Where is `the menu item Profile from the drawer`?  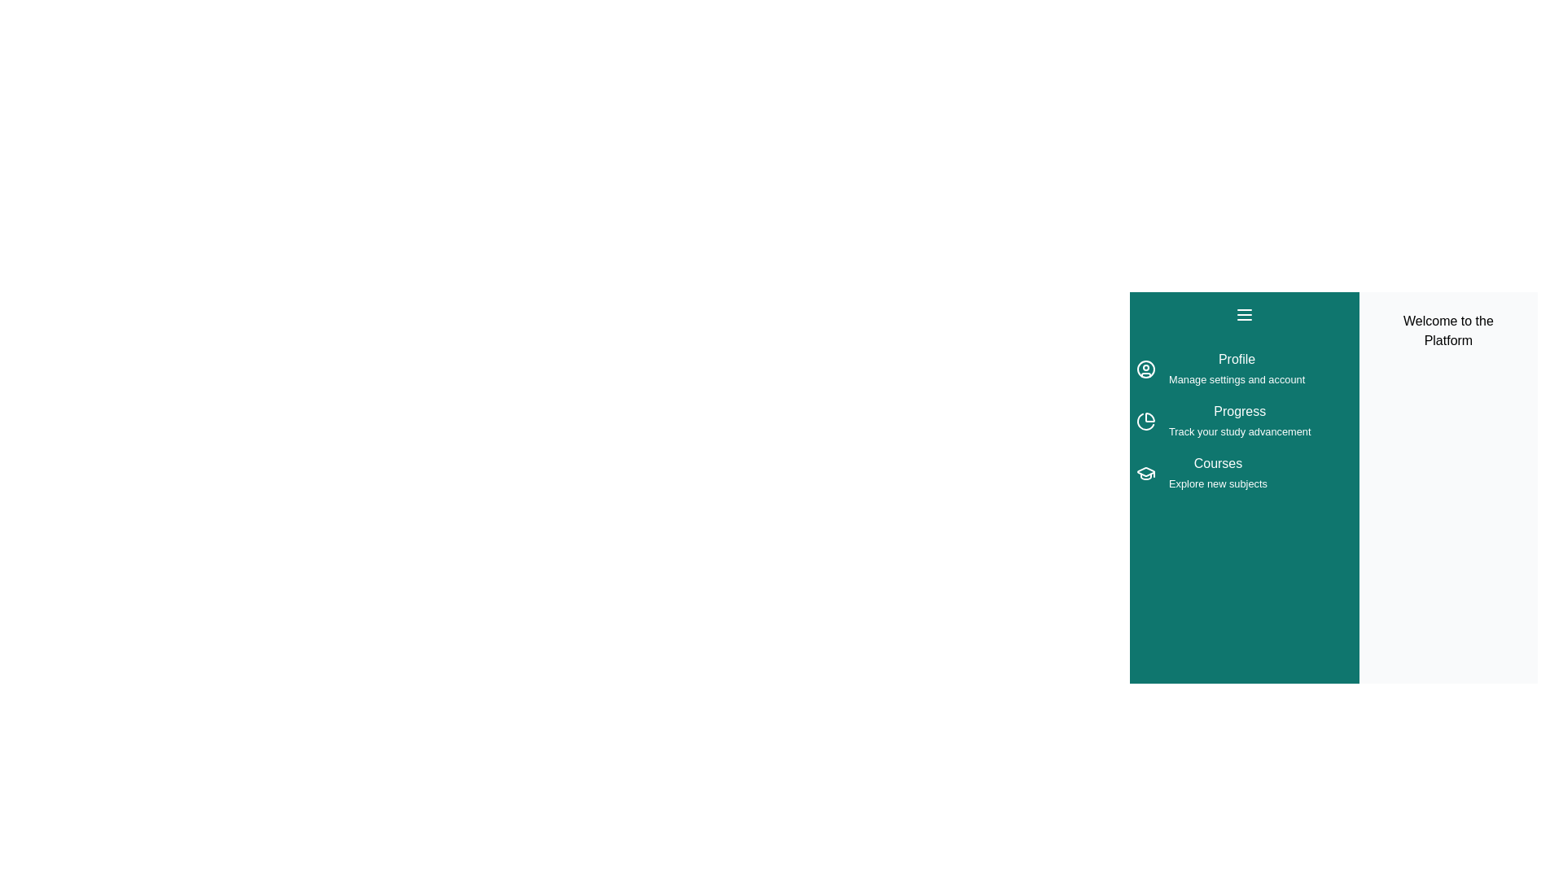
the menu item Profile from the drawer is located at coordinates (1145, 370).